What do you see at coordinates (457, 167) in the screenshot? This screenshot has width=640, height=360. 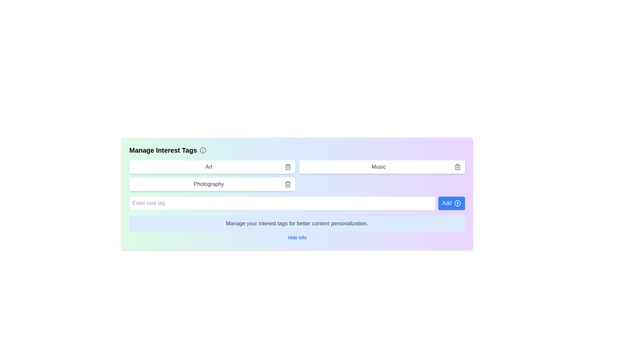 I see `the trash bin icon button located on the far right of the 'Music' tag` at bounding box center [457, 167].